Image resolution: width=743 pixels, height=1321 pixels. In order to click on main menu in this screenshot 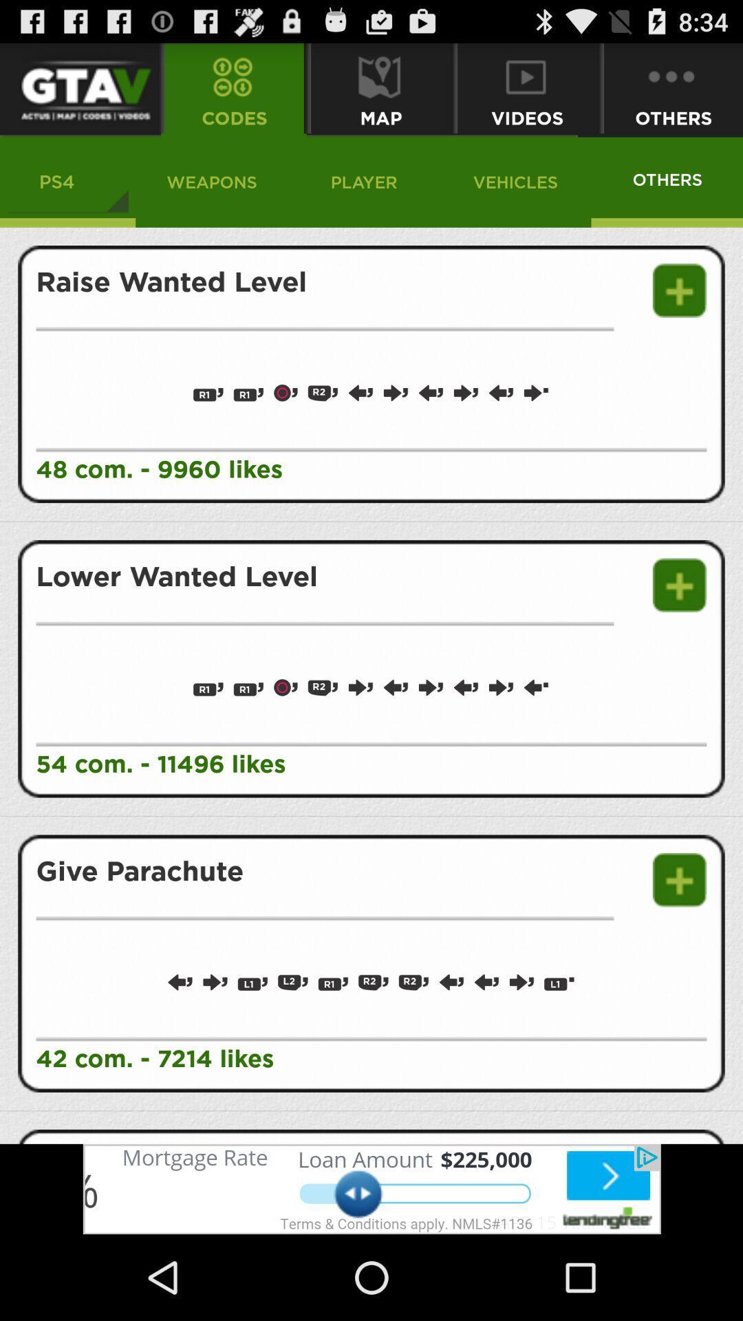, I will do `click(78, 87)`.